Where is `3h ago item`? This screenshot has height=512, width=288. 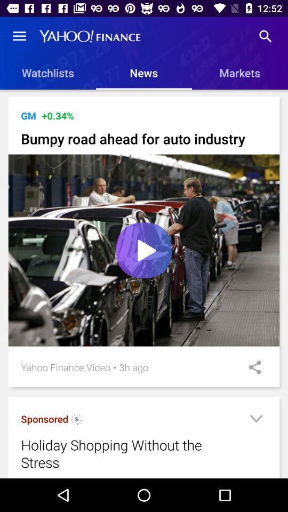 3h ago item is located at coordinates (133, 367).